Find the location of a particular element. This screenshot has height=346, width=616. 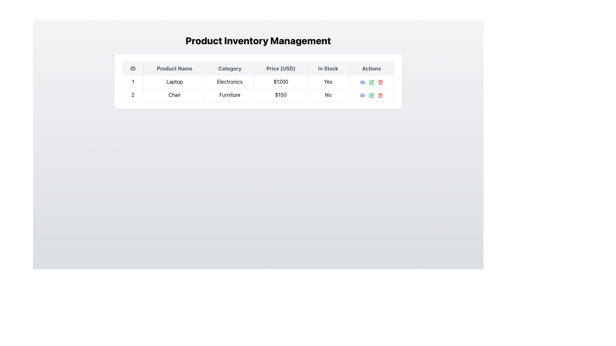

the first icon button in the 'Actions' column of the second row of the table is located at coordinates (362, 81).